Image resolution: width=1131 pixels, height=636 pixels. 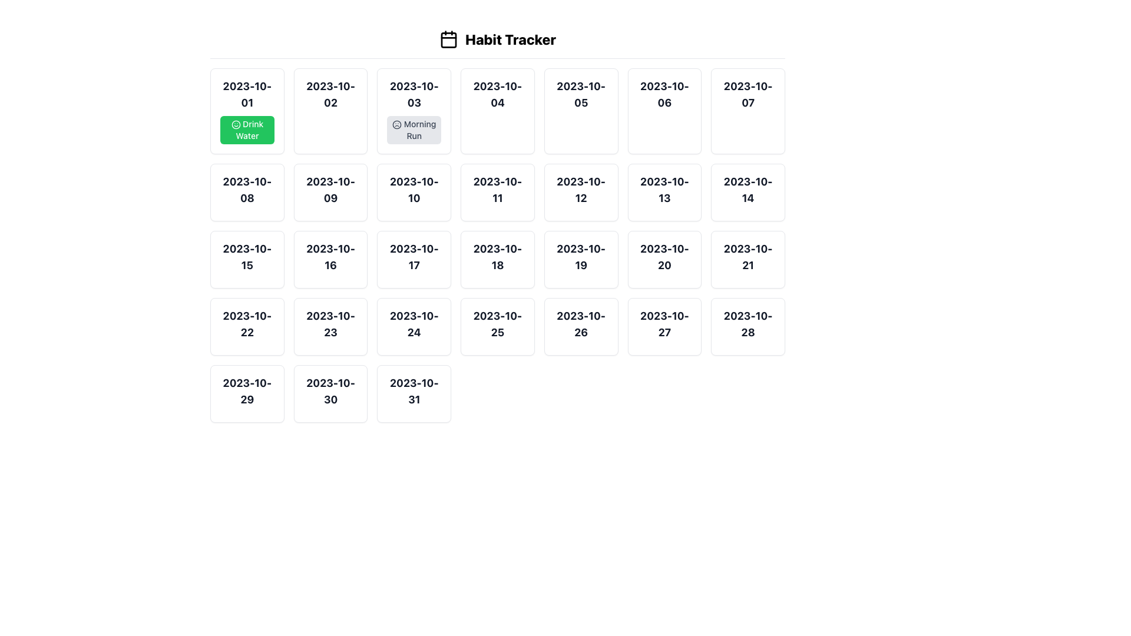 I want to click on the calendar day card displaying '2023-10-12' in the second row and fifth column of the Habit Tracker grid, so click(x=581, y=192).